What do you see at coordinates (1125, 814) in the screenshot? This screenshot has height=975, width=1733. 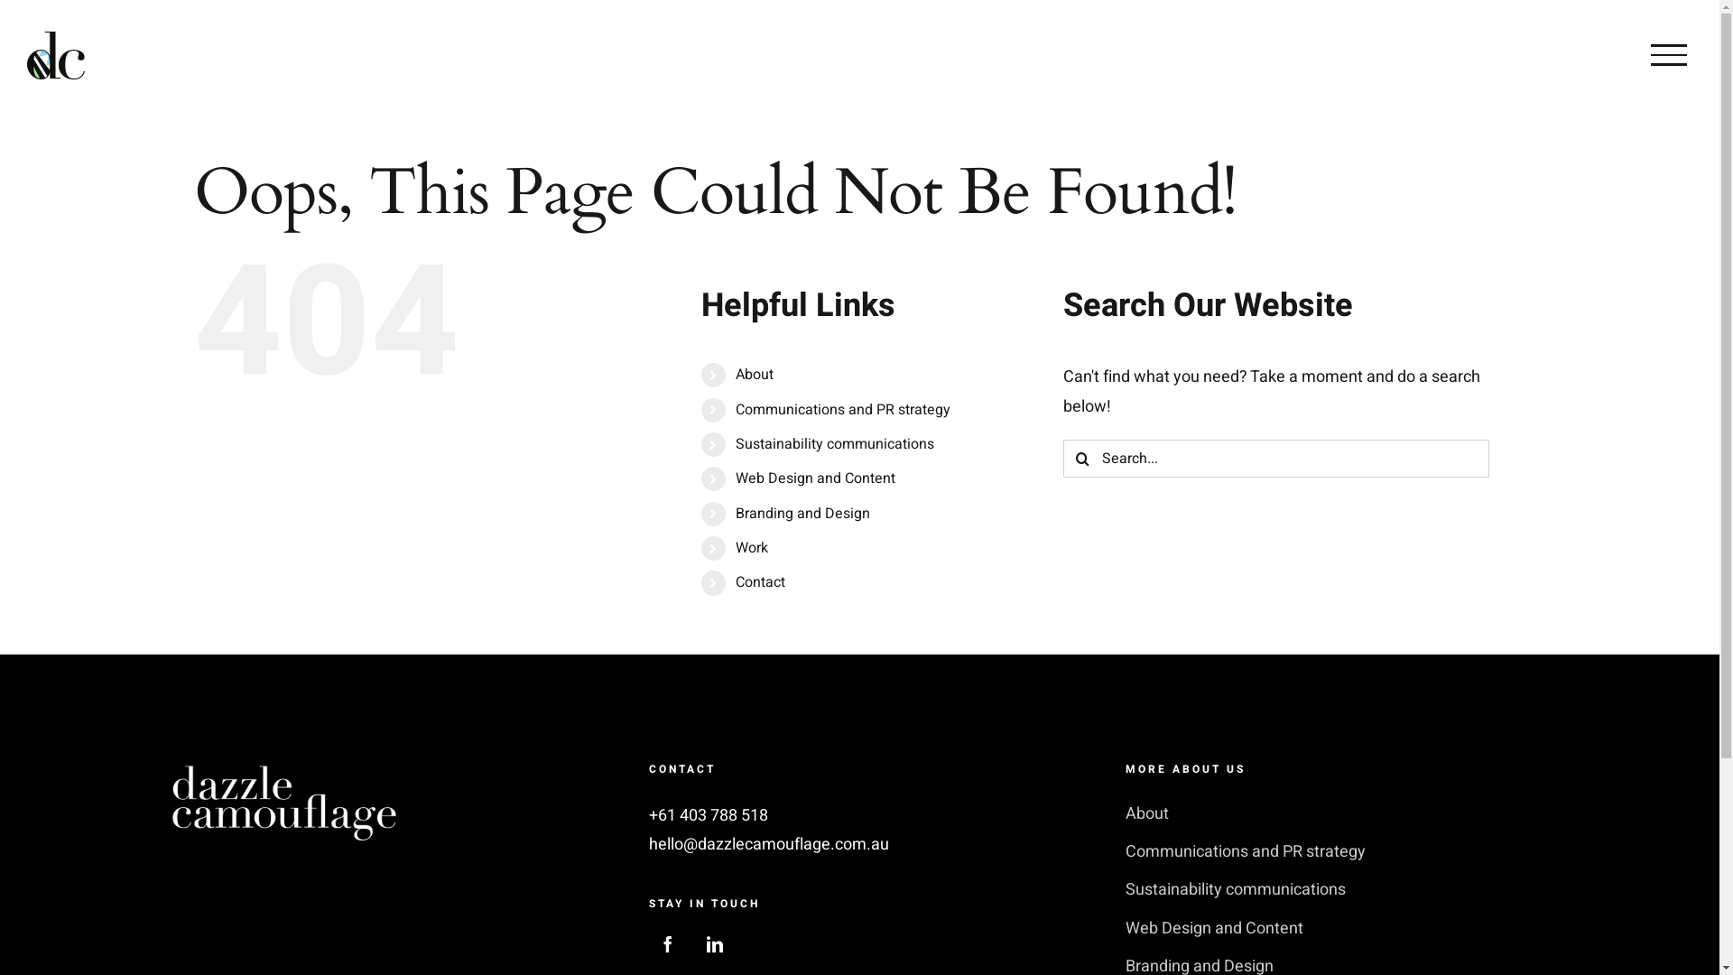 I see `'About'` at bounding box center [1125, 814].